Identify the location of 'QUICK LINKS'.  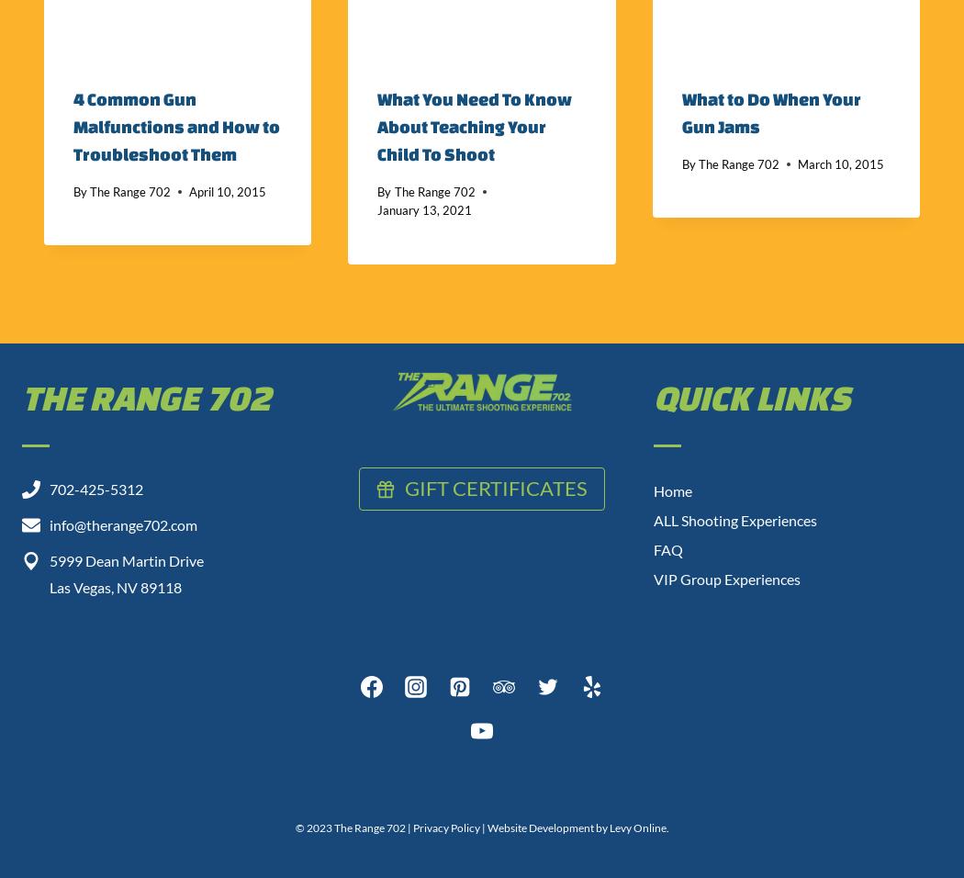
(751, 397).